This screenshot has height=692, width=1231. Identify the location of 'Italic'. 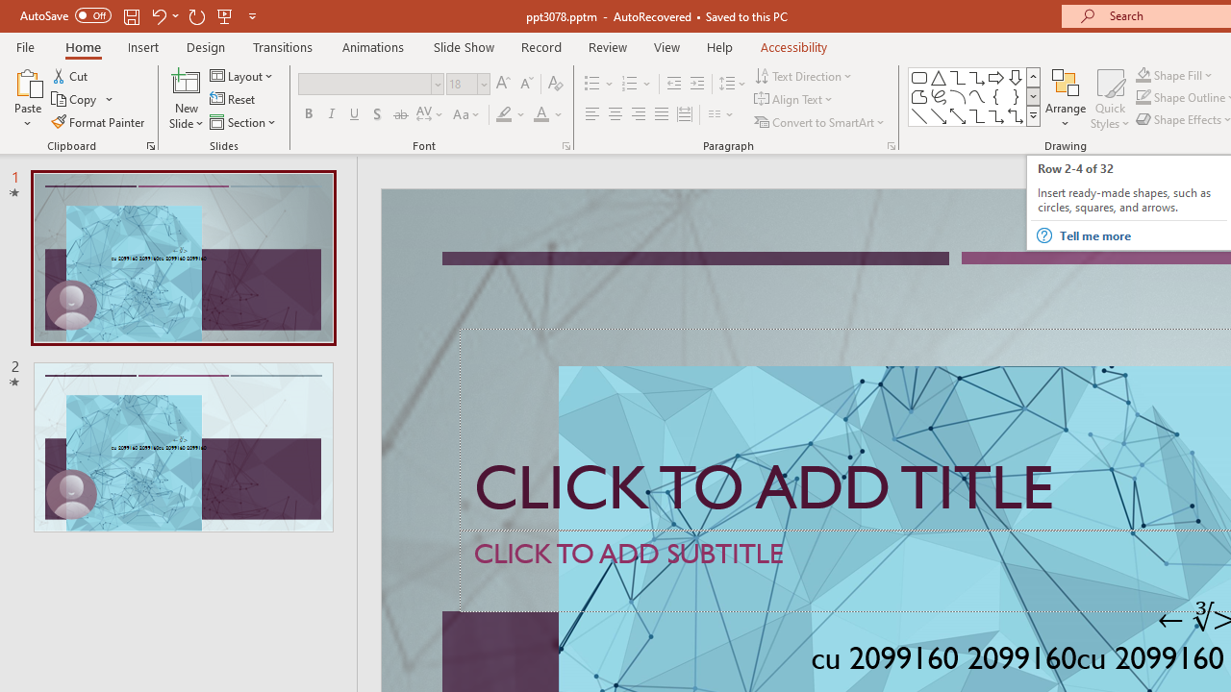
(331, 114).